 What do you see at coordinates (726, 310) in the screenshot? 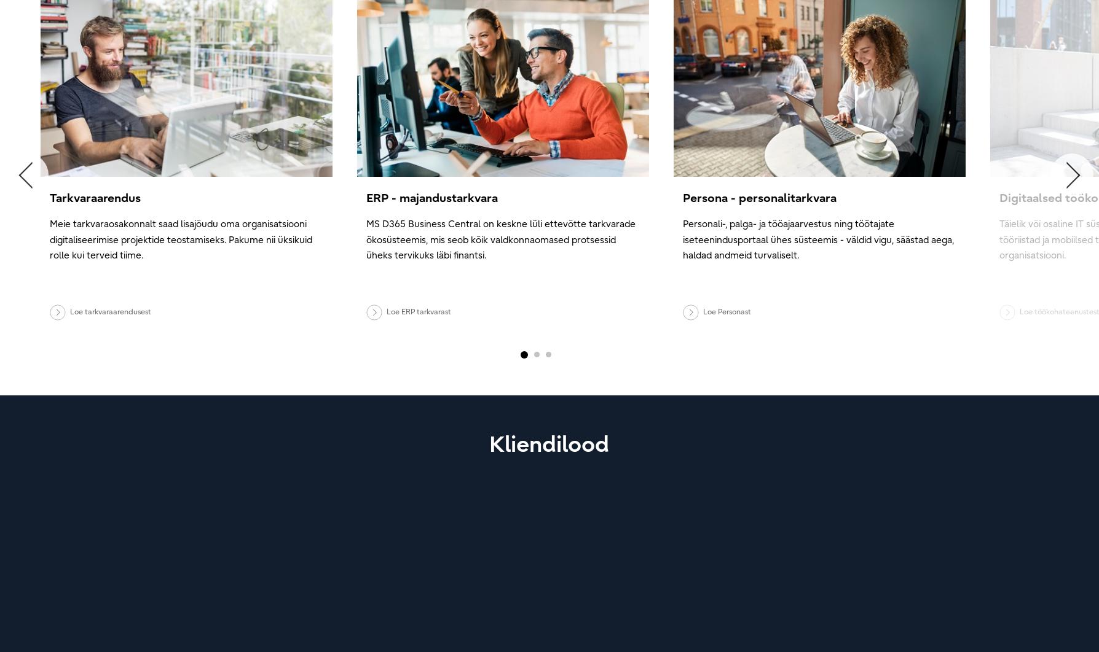
I see `'Loe Personast'` at bounding box center [726, 310].